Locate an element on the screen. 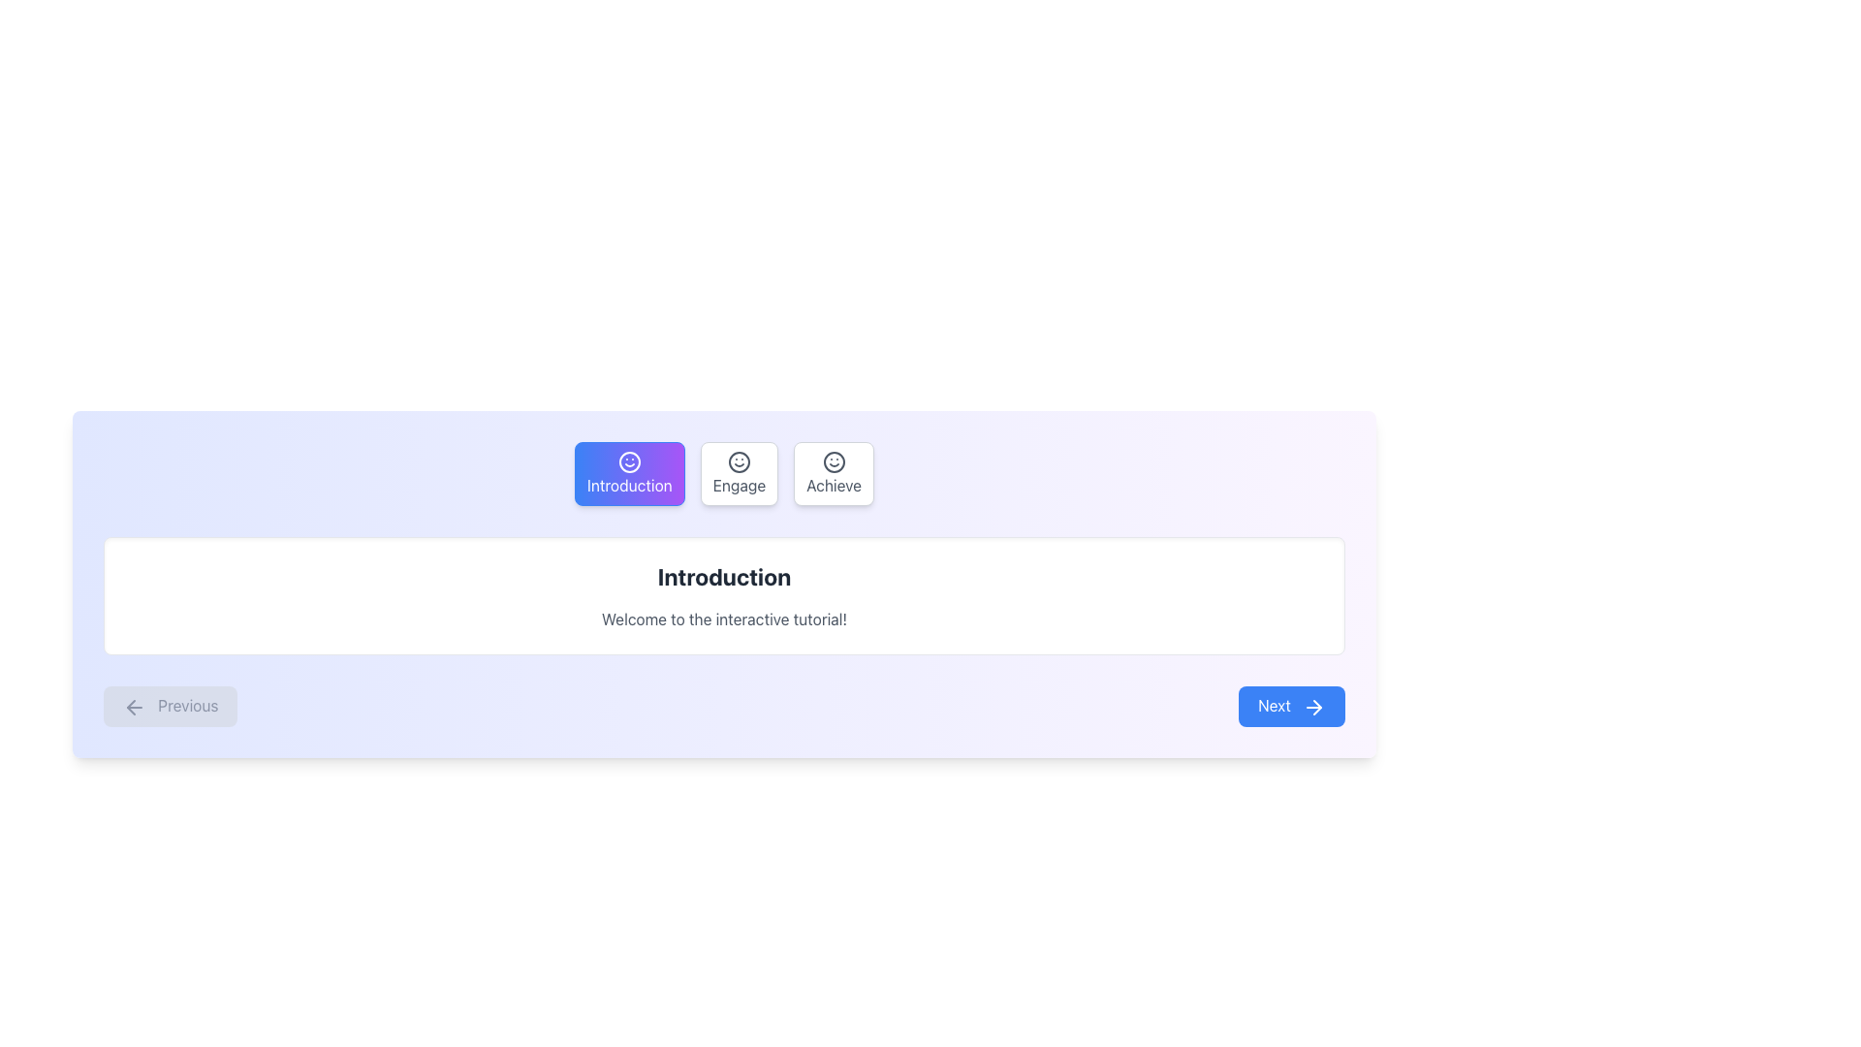  the decorative icon within the 'Introduction' button, which is centered above the text label 'Introduction' is located at coordinates (629, 462).